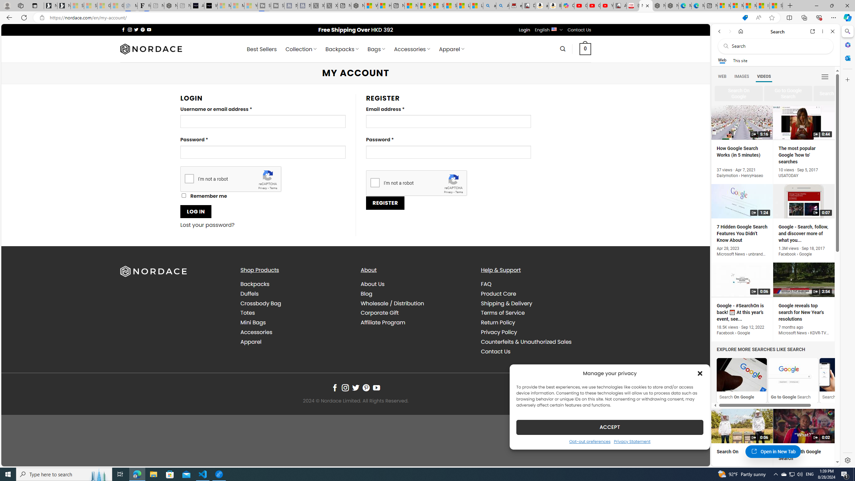 The image size is (855, 481). I want to click on 'Opt-out preferences', so click(589, 441).